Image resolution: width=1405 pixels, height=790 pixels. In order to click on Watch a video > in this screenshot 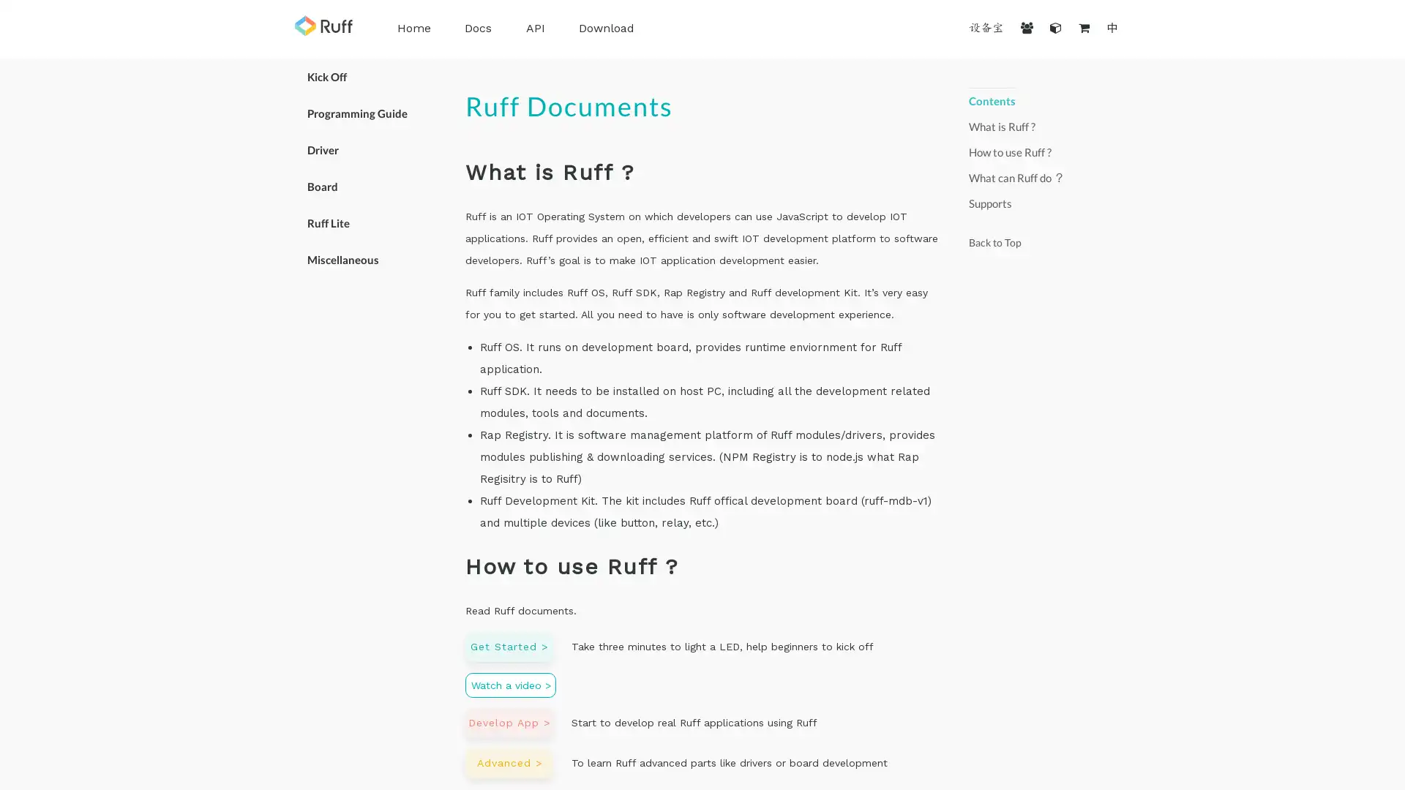, I will do `click(510, 685)`.